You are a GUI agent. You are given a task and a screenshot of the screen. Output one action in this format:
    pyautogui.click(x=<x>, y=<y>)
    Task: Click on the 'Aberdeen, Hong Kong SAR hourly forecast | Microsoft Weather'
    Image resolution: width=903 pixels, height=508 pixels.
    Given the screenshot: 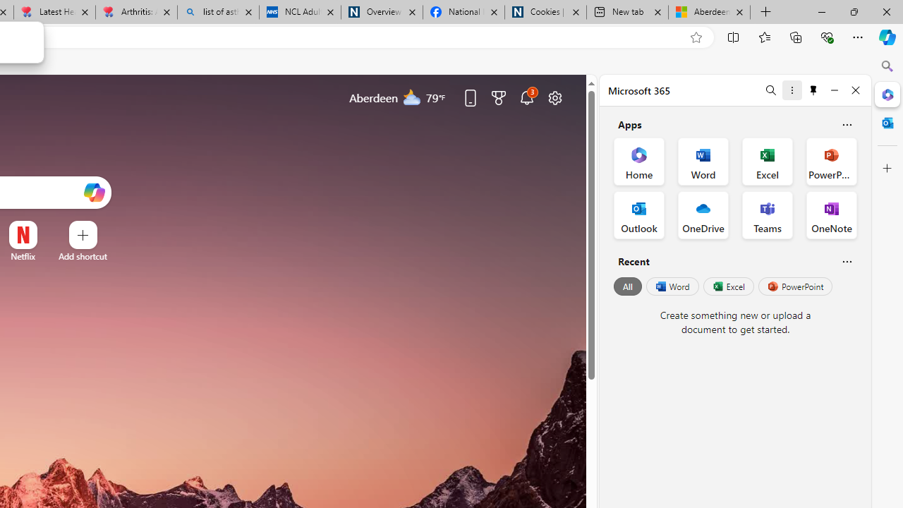 What is the action you would take?
    pyautogui.click(x=710, y=12)
    